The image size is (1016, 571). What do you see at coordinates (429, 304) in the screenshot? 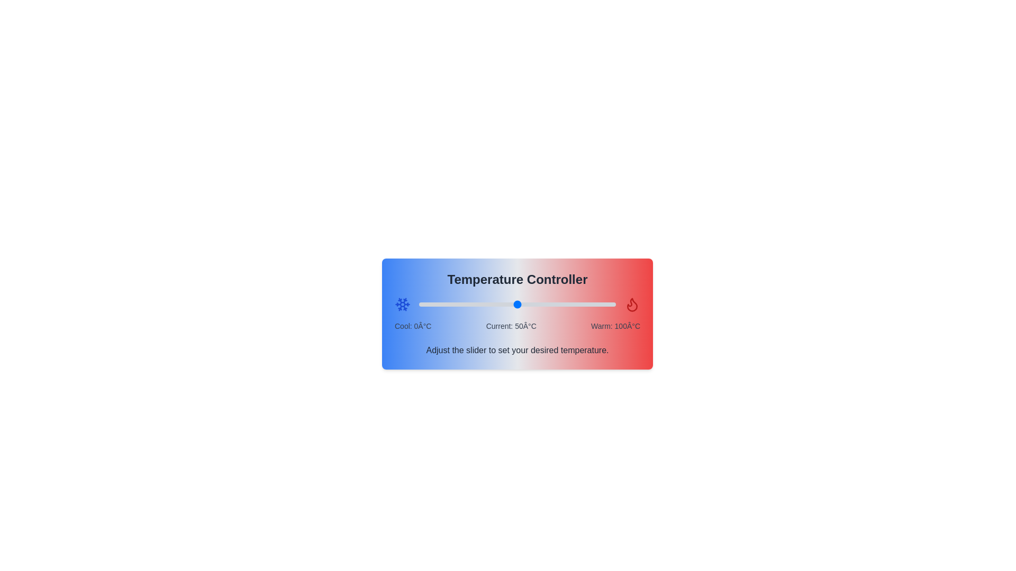
I see `the temperature to 5°C by adjusting the slider` at bounding box center [429, 304].